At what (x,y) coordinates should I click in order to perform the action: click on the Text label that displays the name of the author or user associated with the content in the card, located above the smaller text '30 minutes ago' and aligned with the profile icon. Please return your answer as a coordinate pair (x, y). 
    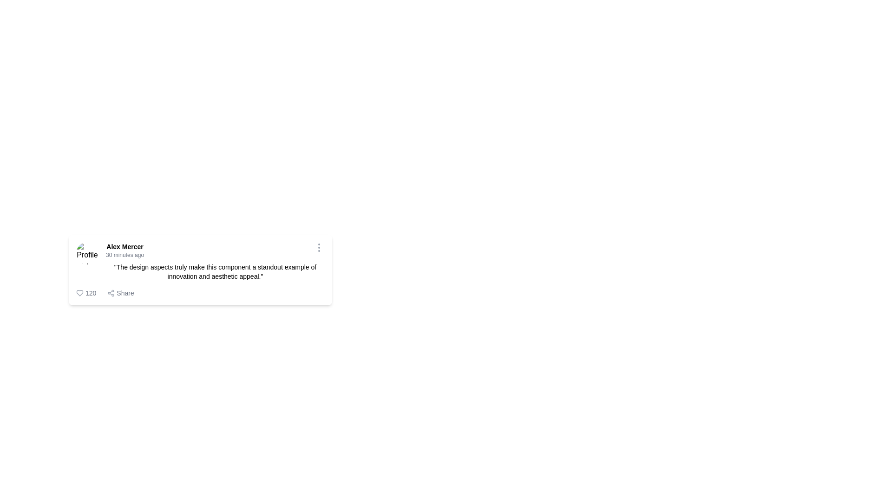
    Looking at the image, I should click on (124, 246).